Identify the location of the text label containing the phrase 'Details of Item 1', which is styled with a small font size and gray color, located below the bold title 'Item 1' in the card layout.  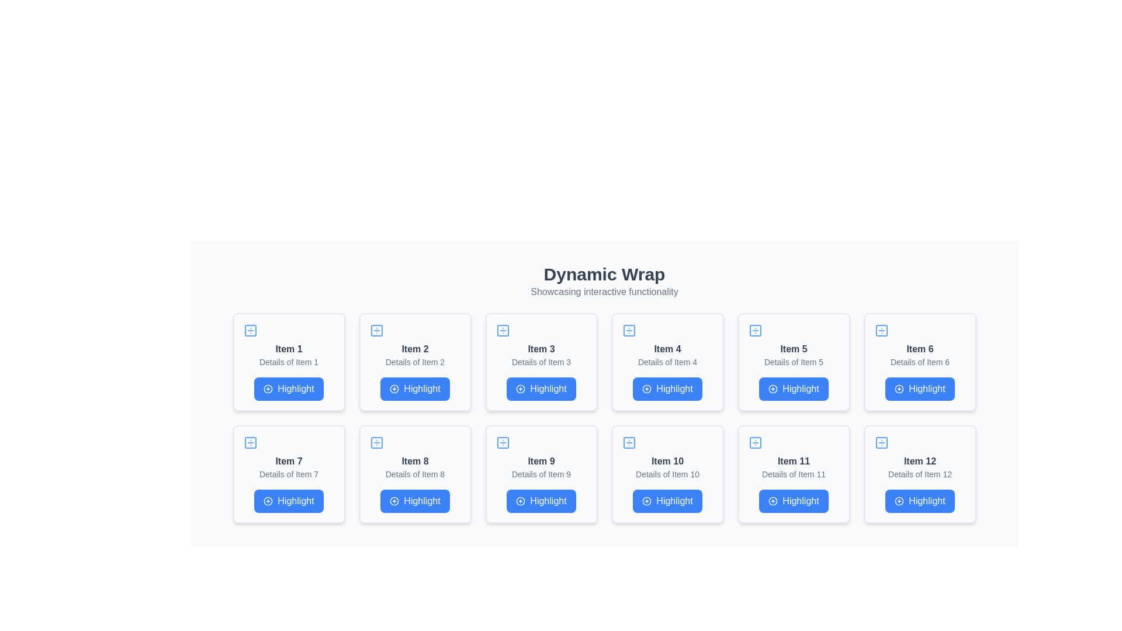
(289, 362).